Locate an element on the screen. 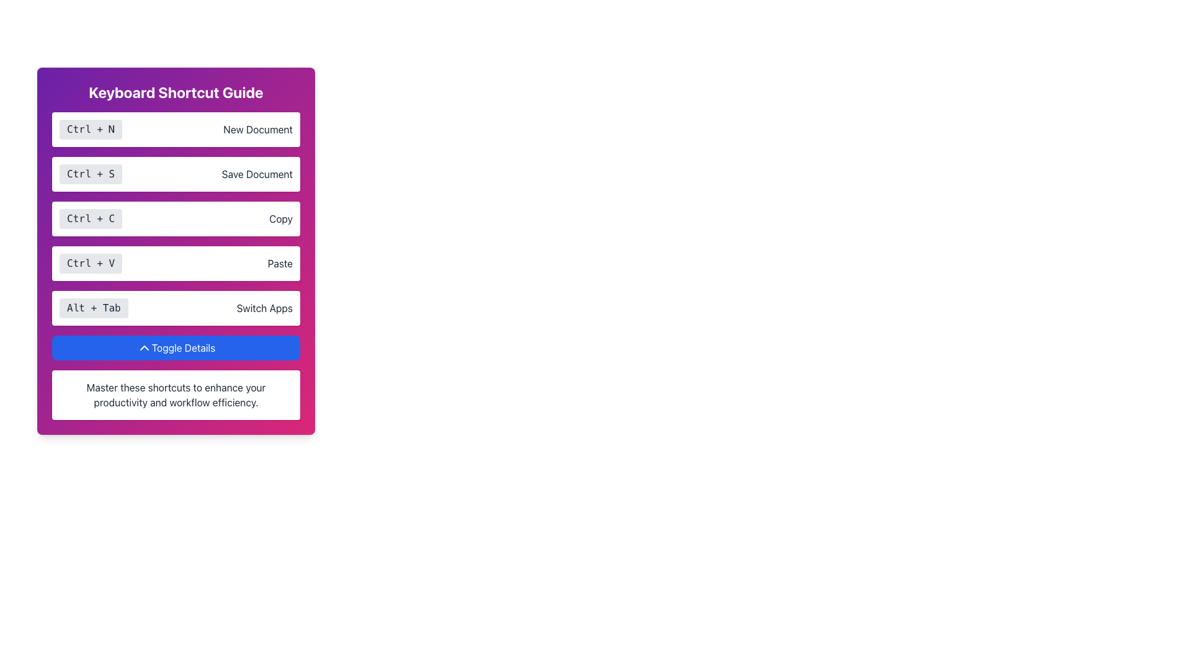 Image resolution: width=1191 pixels, height=670 pixels. the motivational textual label located beneath the blue 'Toggle Details' button, which is styled with a white background and rounded corners is located at coordinates (175, 395).